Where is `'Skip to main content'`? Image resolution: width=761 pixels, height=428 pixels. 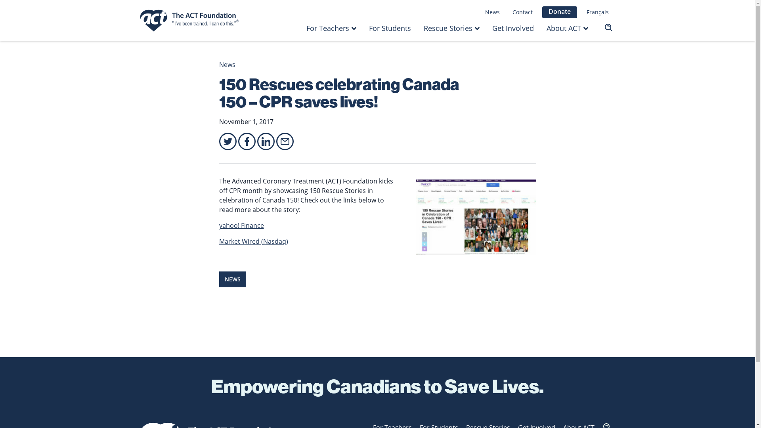
'Skip to main content' is located at coordinates (0, 0).